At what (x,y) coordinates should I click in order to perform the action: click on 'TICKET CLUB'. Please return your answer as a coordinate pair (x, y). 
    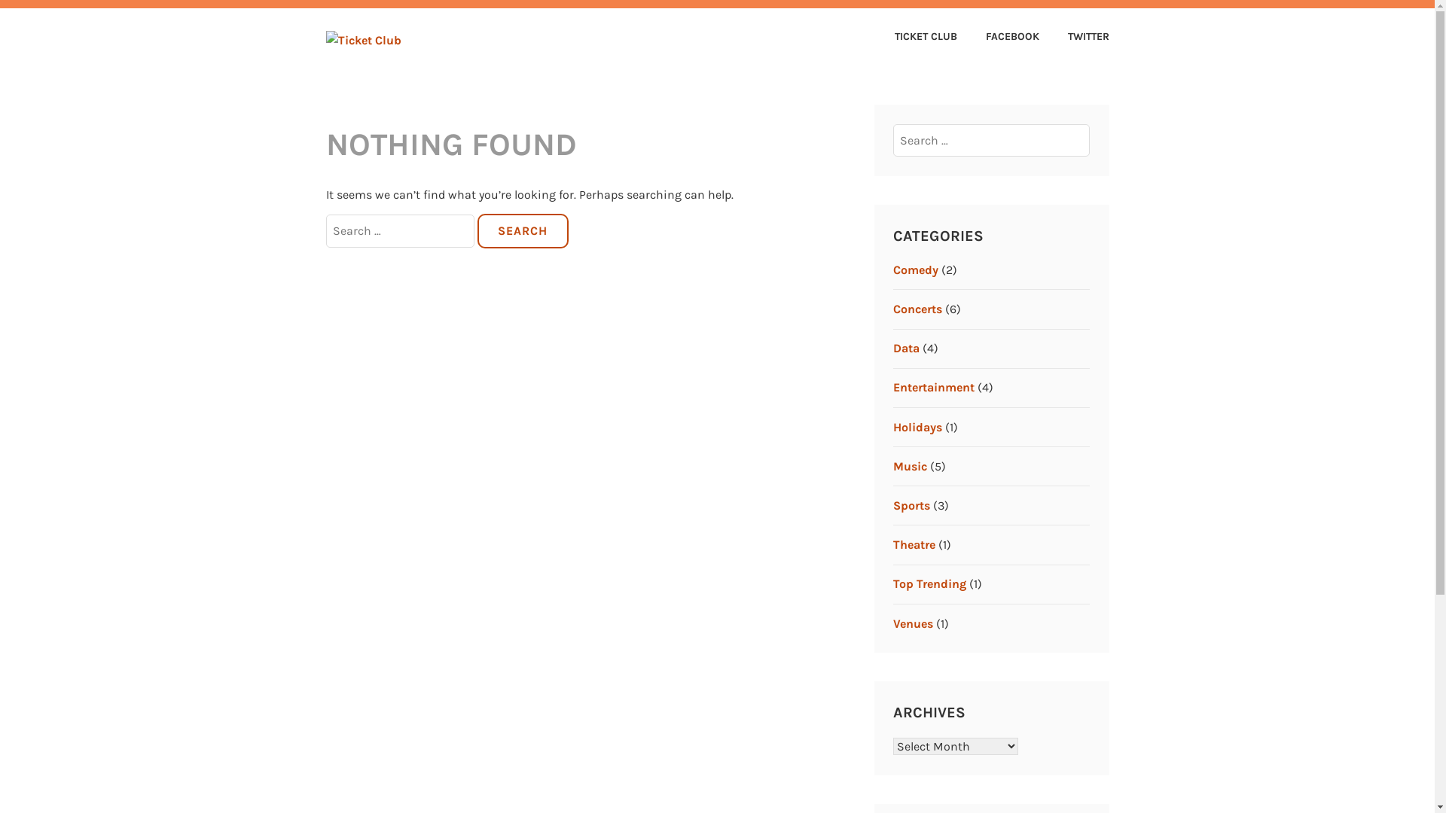
    Looking at the image, I should click on (505, 42).